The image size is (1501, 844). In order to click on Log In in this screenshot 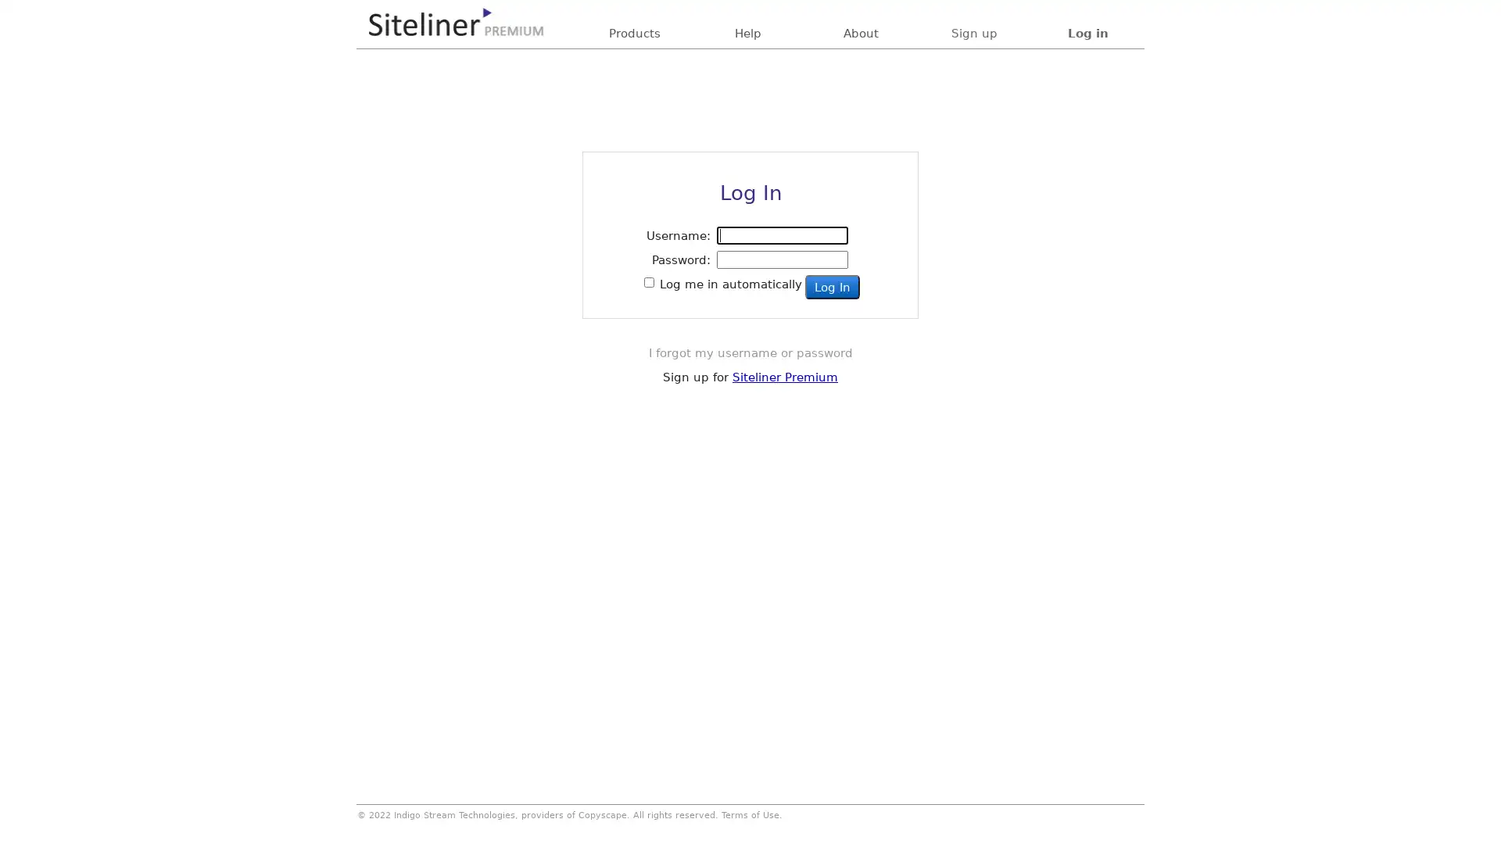, I will do `click(832, 287)`.